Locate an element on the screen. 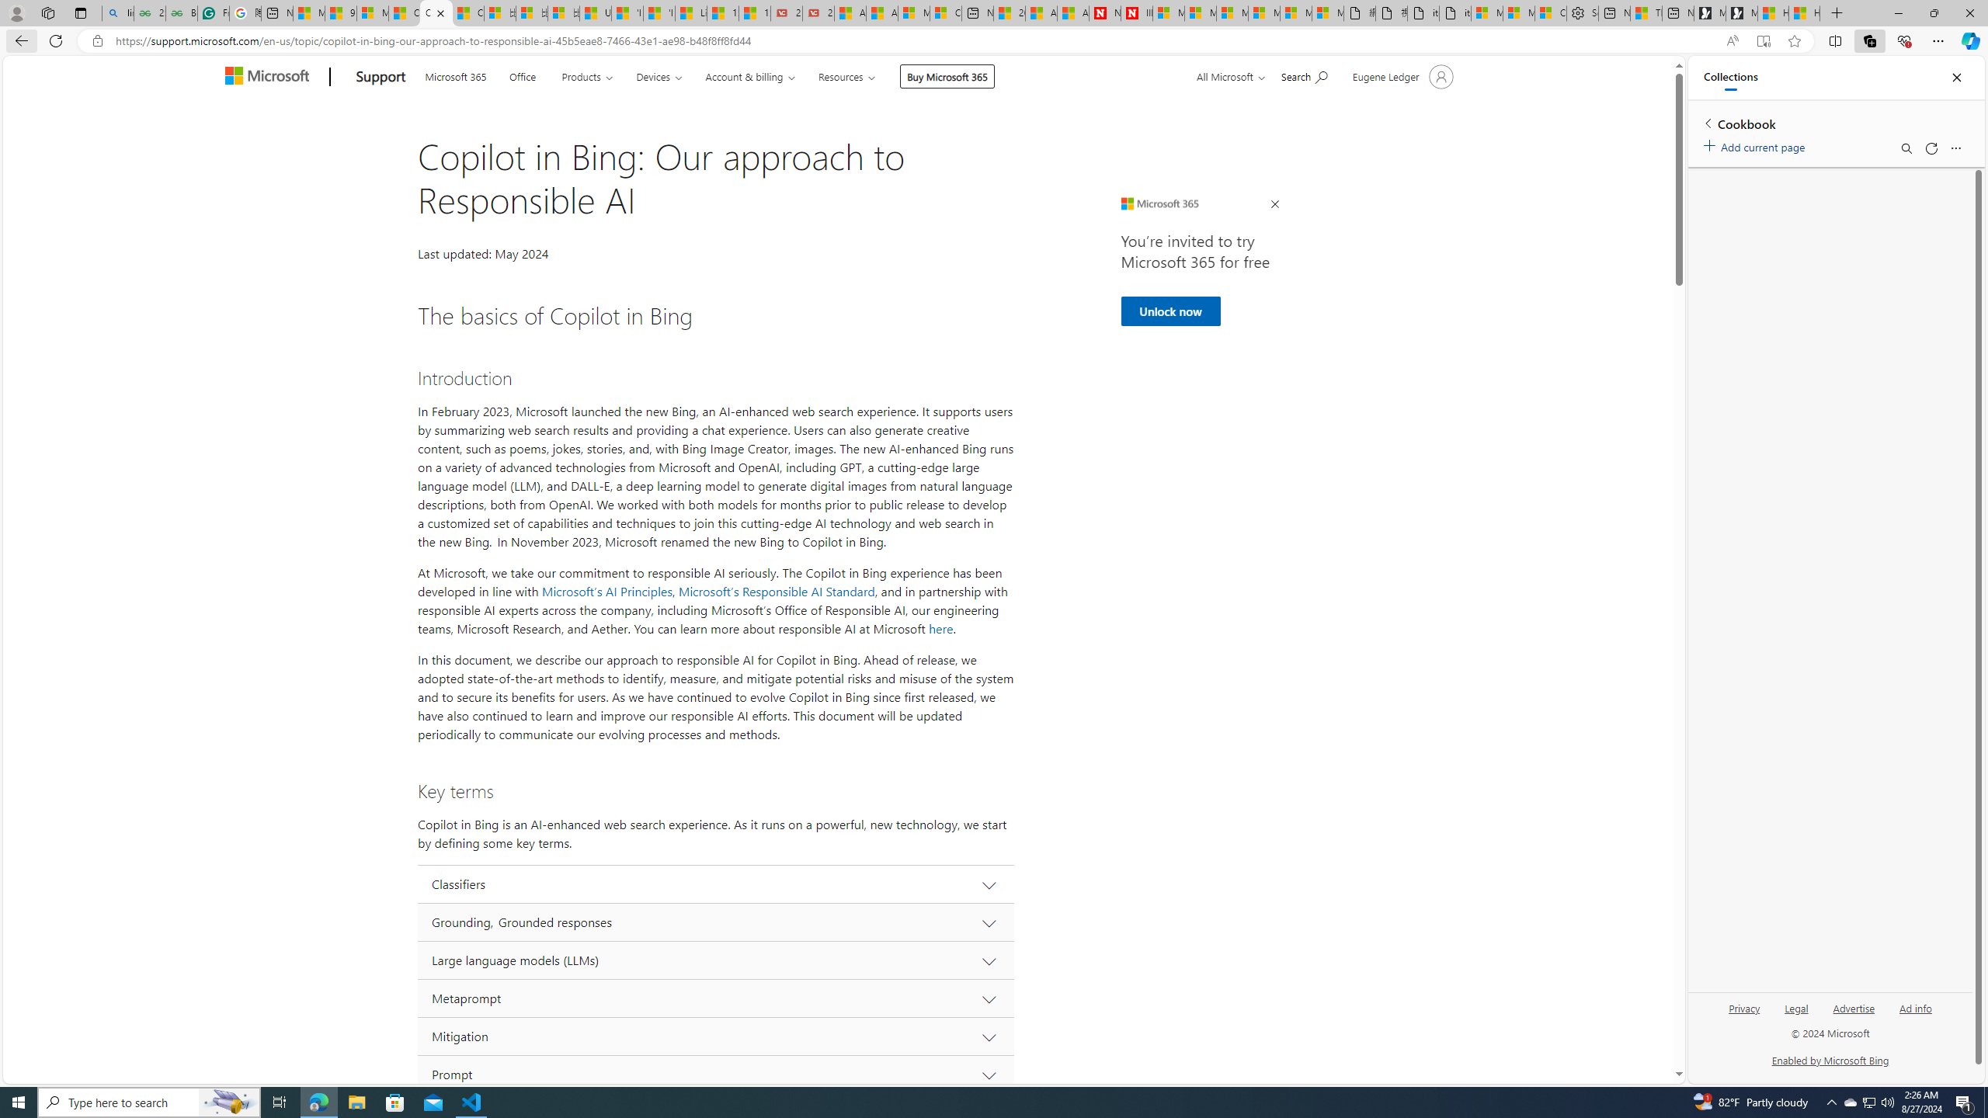 Image resolution: width=1988 pixels, height=1118 pixels. 'Ad info' is located at coordinates (1915, 1013).